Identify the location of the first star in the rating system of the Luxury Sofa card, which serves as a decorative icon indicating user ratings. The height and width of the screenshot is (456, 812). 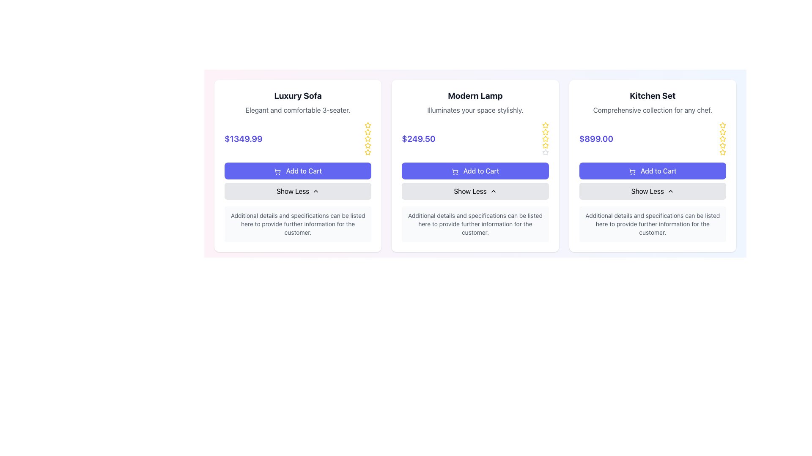
(368, 125).